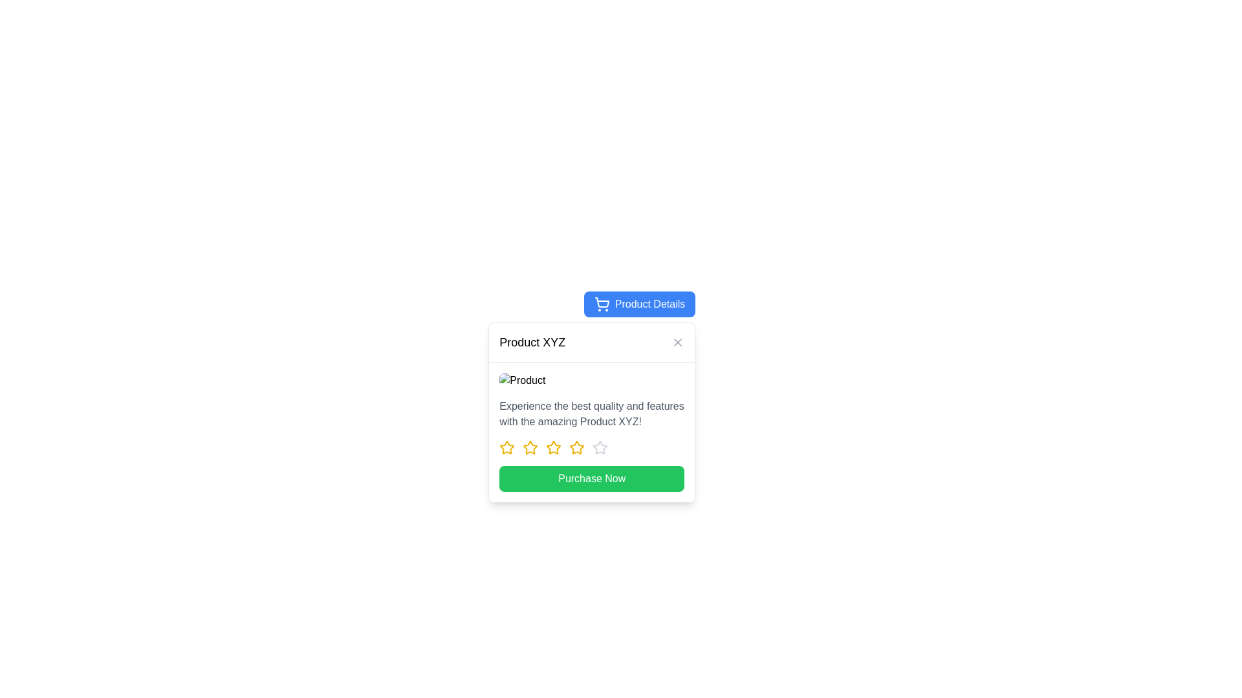 The width and height of the screenshot is (1242, 698). I want to click on the third yellow outlined star icon in the product description modal, so click(554, 447).